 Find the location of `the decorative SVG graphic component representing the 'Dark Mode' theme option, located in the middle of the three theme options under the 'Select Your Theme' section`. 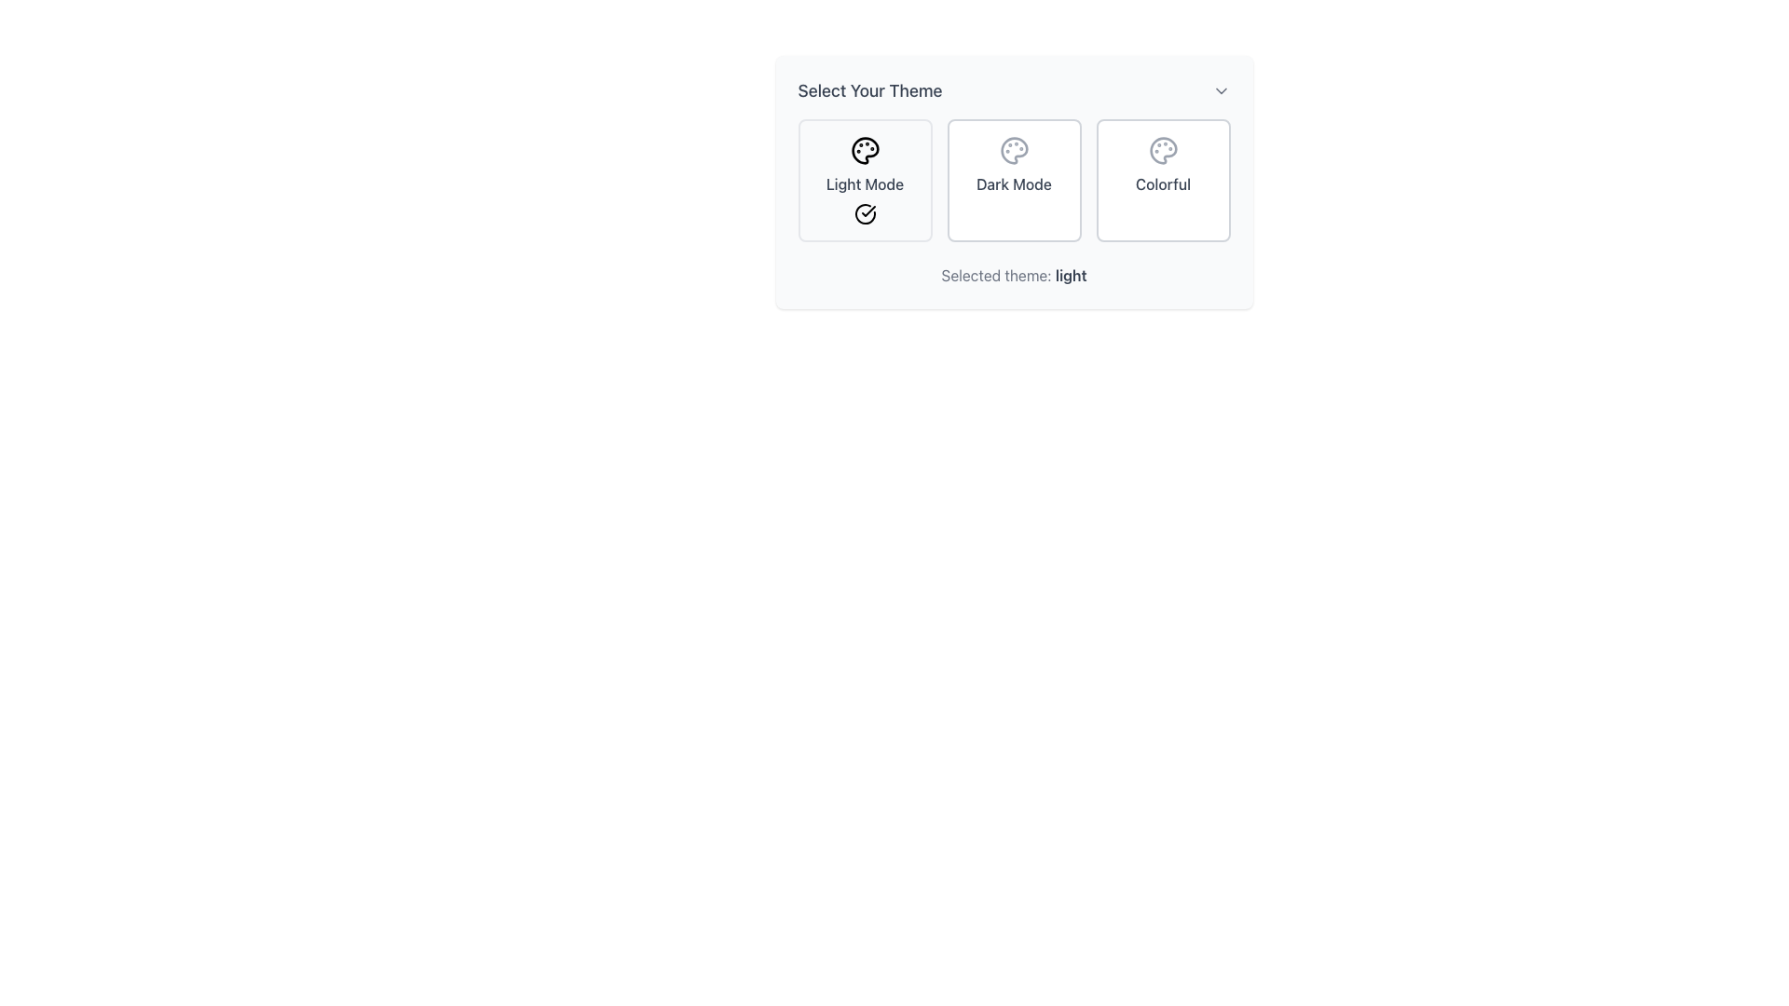

the decorative SVG graphic component representing the 'Dark Mode' theme option, located in the middle of the three theme options under the 'Select Your Theme' section is located at coordinates (1013, 150).